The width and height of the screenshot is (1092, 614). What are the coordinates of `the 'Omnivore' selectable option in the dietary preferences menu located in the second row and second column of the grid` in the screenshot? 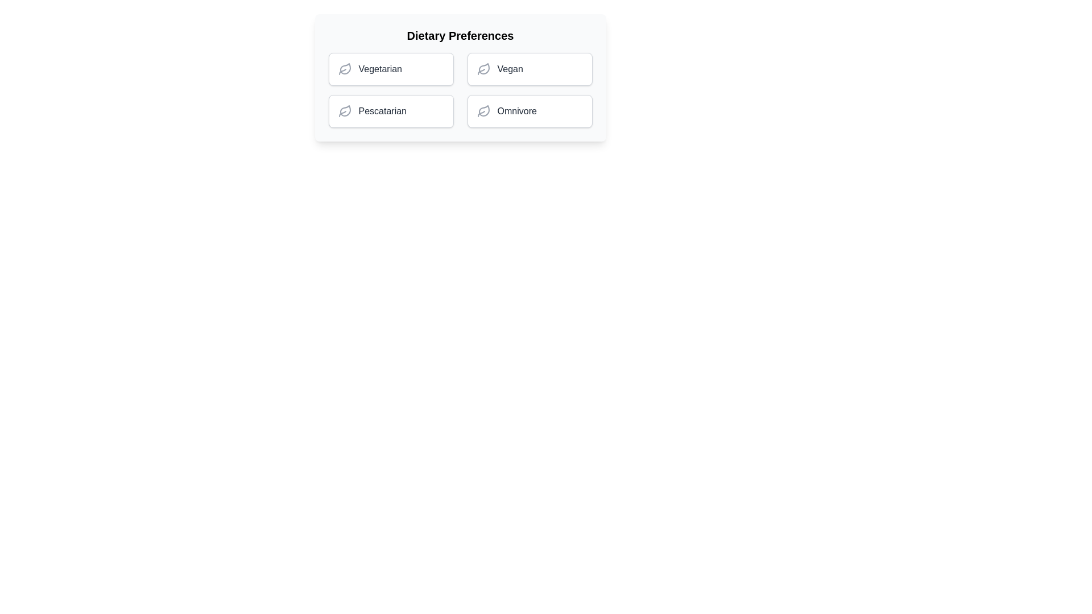 It's located at (529, 111).